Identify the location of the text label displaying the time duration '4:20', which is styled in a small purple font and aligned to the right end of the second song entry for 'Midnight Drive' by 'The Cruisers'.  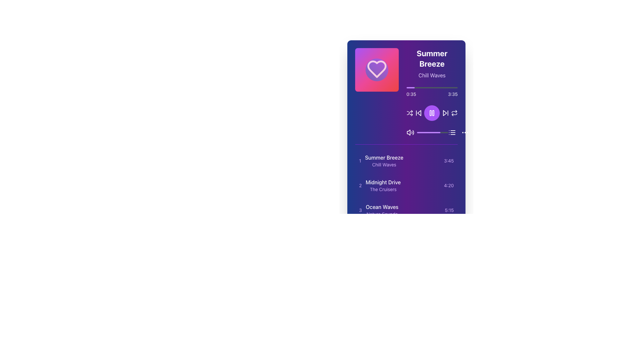
(449, 185).